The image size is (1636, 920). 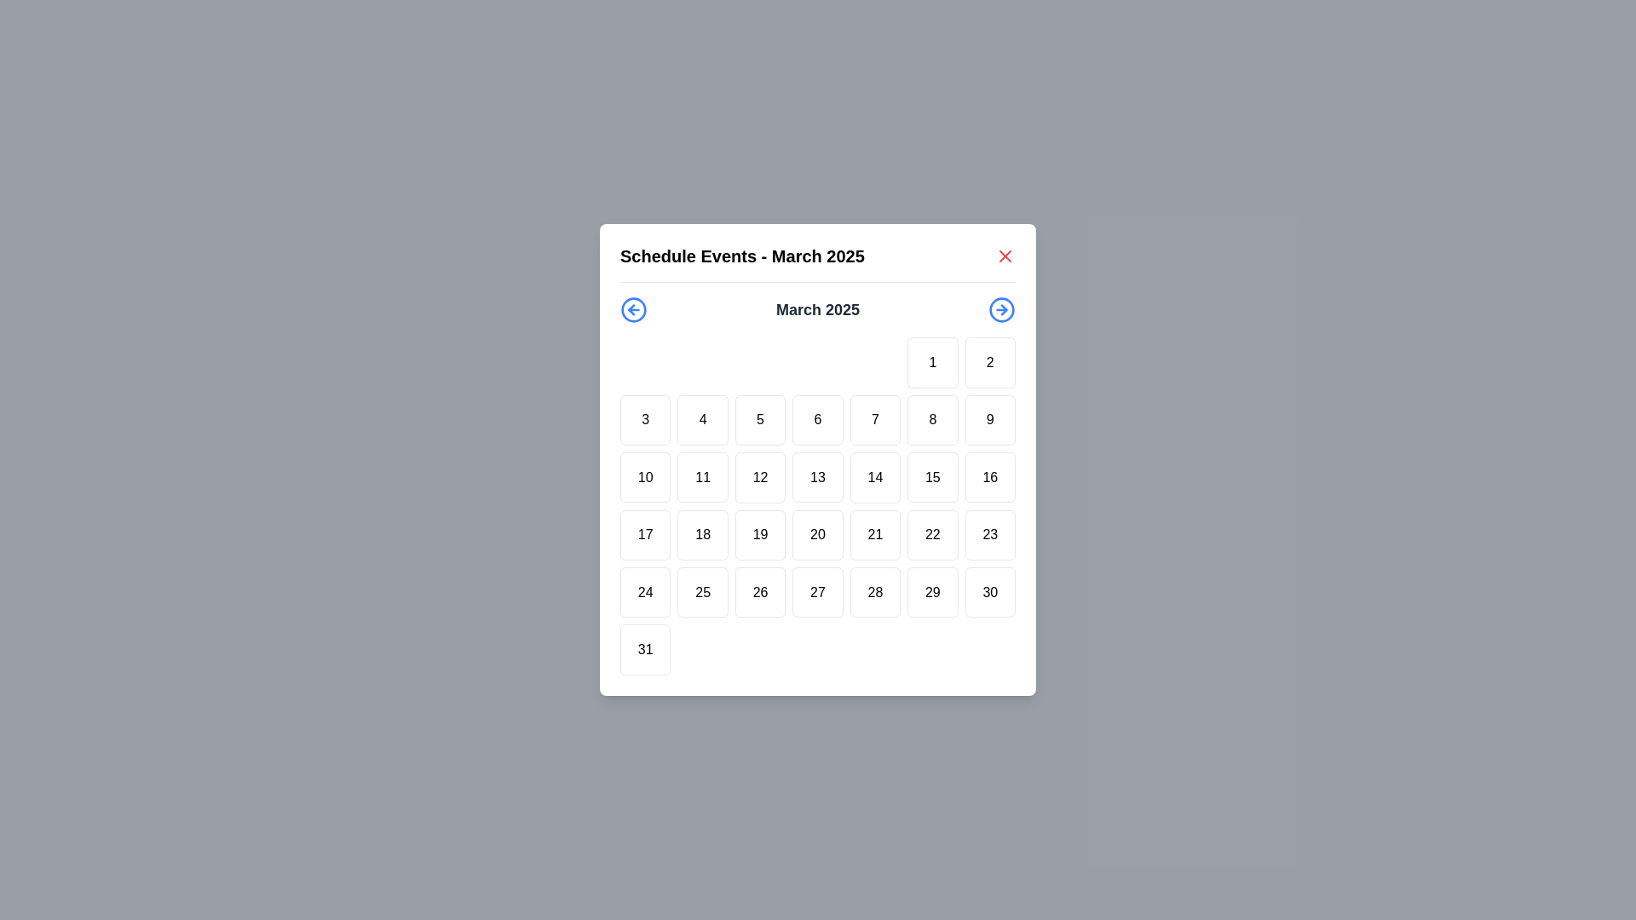 I want to click on the calendar day button representing '22' to trigger a tooltip or highlight effect, so click(x=931, y=534).